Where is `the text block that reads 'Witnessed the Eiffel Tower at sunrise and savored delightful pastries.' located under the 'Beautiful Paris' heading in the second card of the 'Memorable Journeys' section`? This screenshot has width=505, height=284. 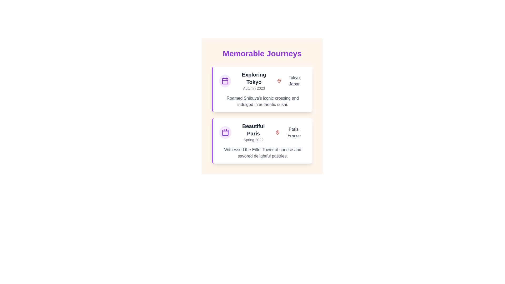
the text block that reads 'Witnessed the Eiffel Tower at sunrise and savored delightful pastries.' located under the 'Beautiful Paris' heading in the second card of the 'Memorable Journeys' section is located at coordinates (262, 153).